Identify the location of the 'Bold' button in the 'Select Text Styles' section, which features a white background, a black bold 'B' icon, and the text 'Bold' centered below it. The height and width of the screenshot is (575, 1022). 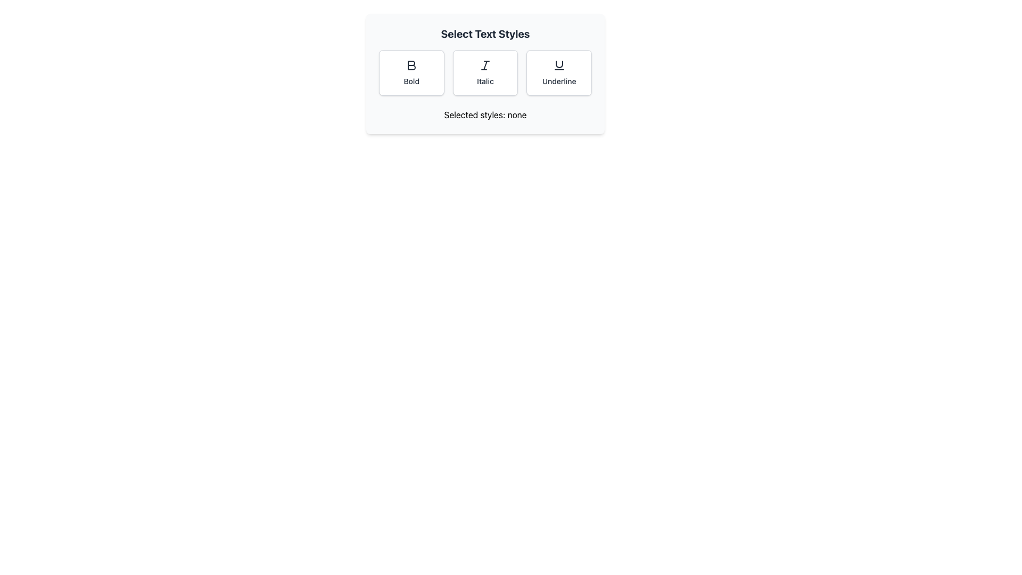
(411, 72).